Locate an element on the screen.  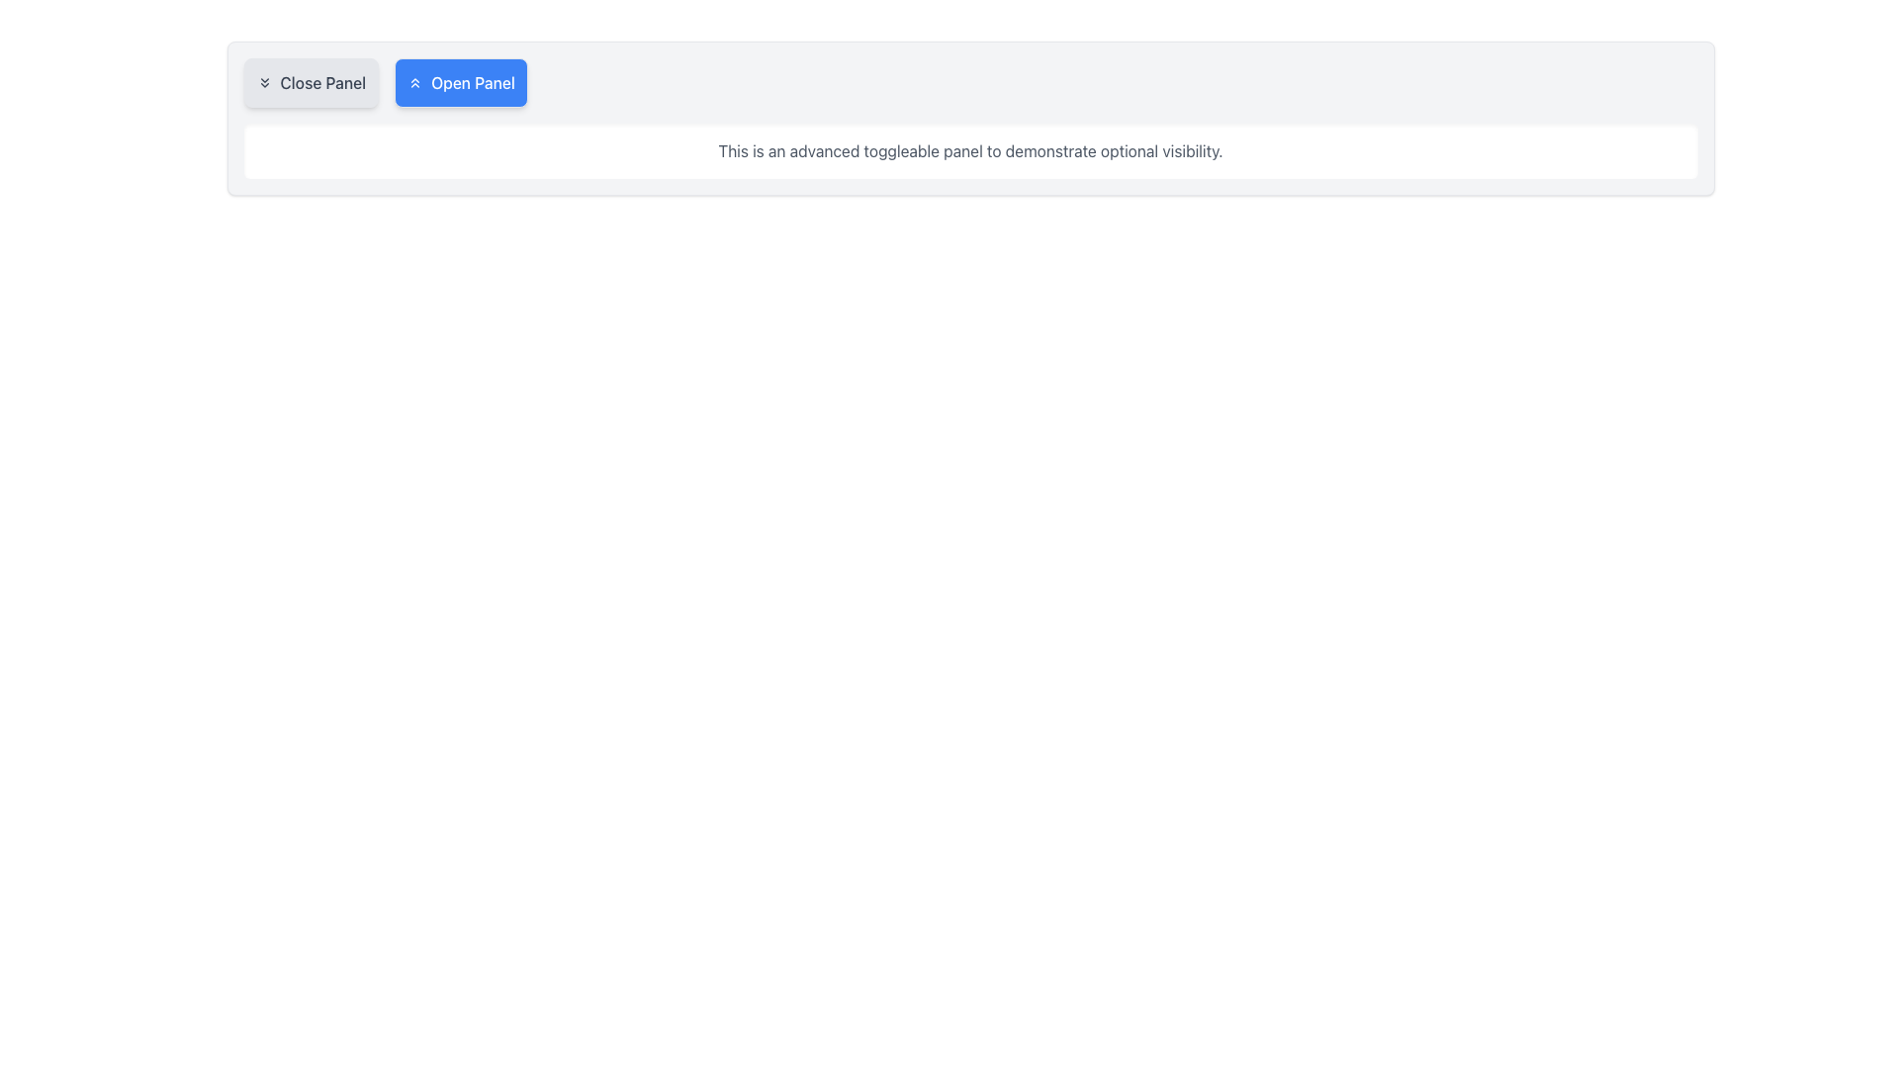
the chevrons icon located on the left side of the 'Close Panel' button, which visually emphasizes the 'Close Panel' action is located at coordinates (263, 82).